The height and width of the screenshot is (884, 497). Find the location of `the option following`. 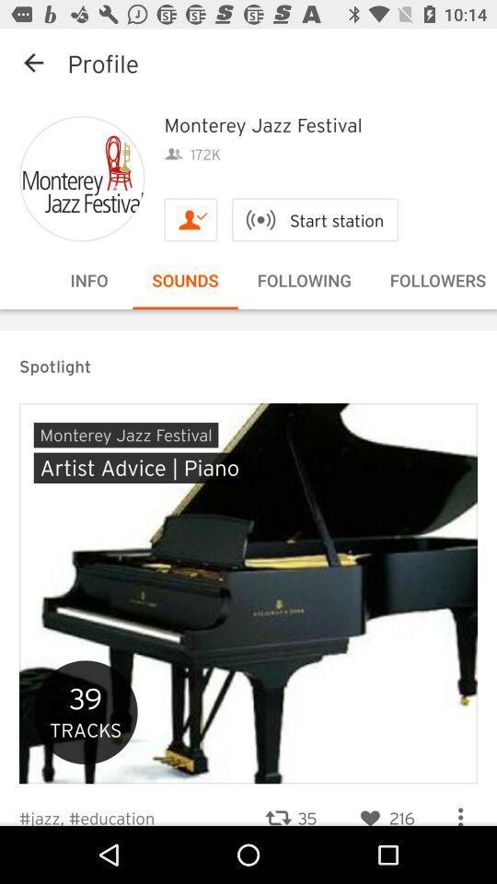

the option following is located at coordinates (305, 280).